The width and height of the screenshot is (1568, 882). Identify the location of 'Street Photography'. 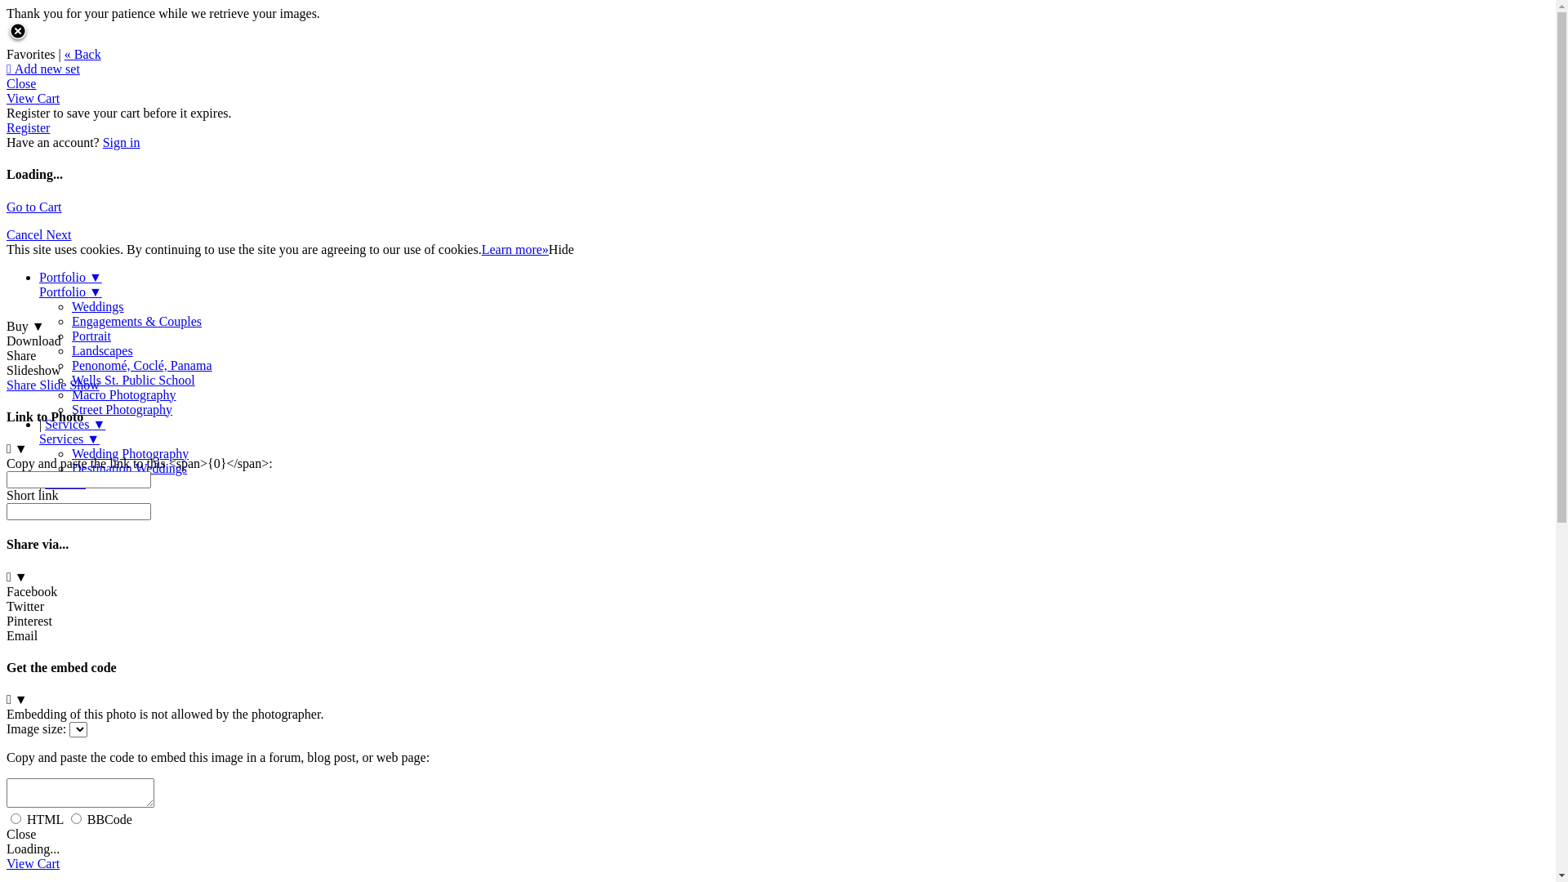
(121, 408).